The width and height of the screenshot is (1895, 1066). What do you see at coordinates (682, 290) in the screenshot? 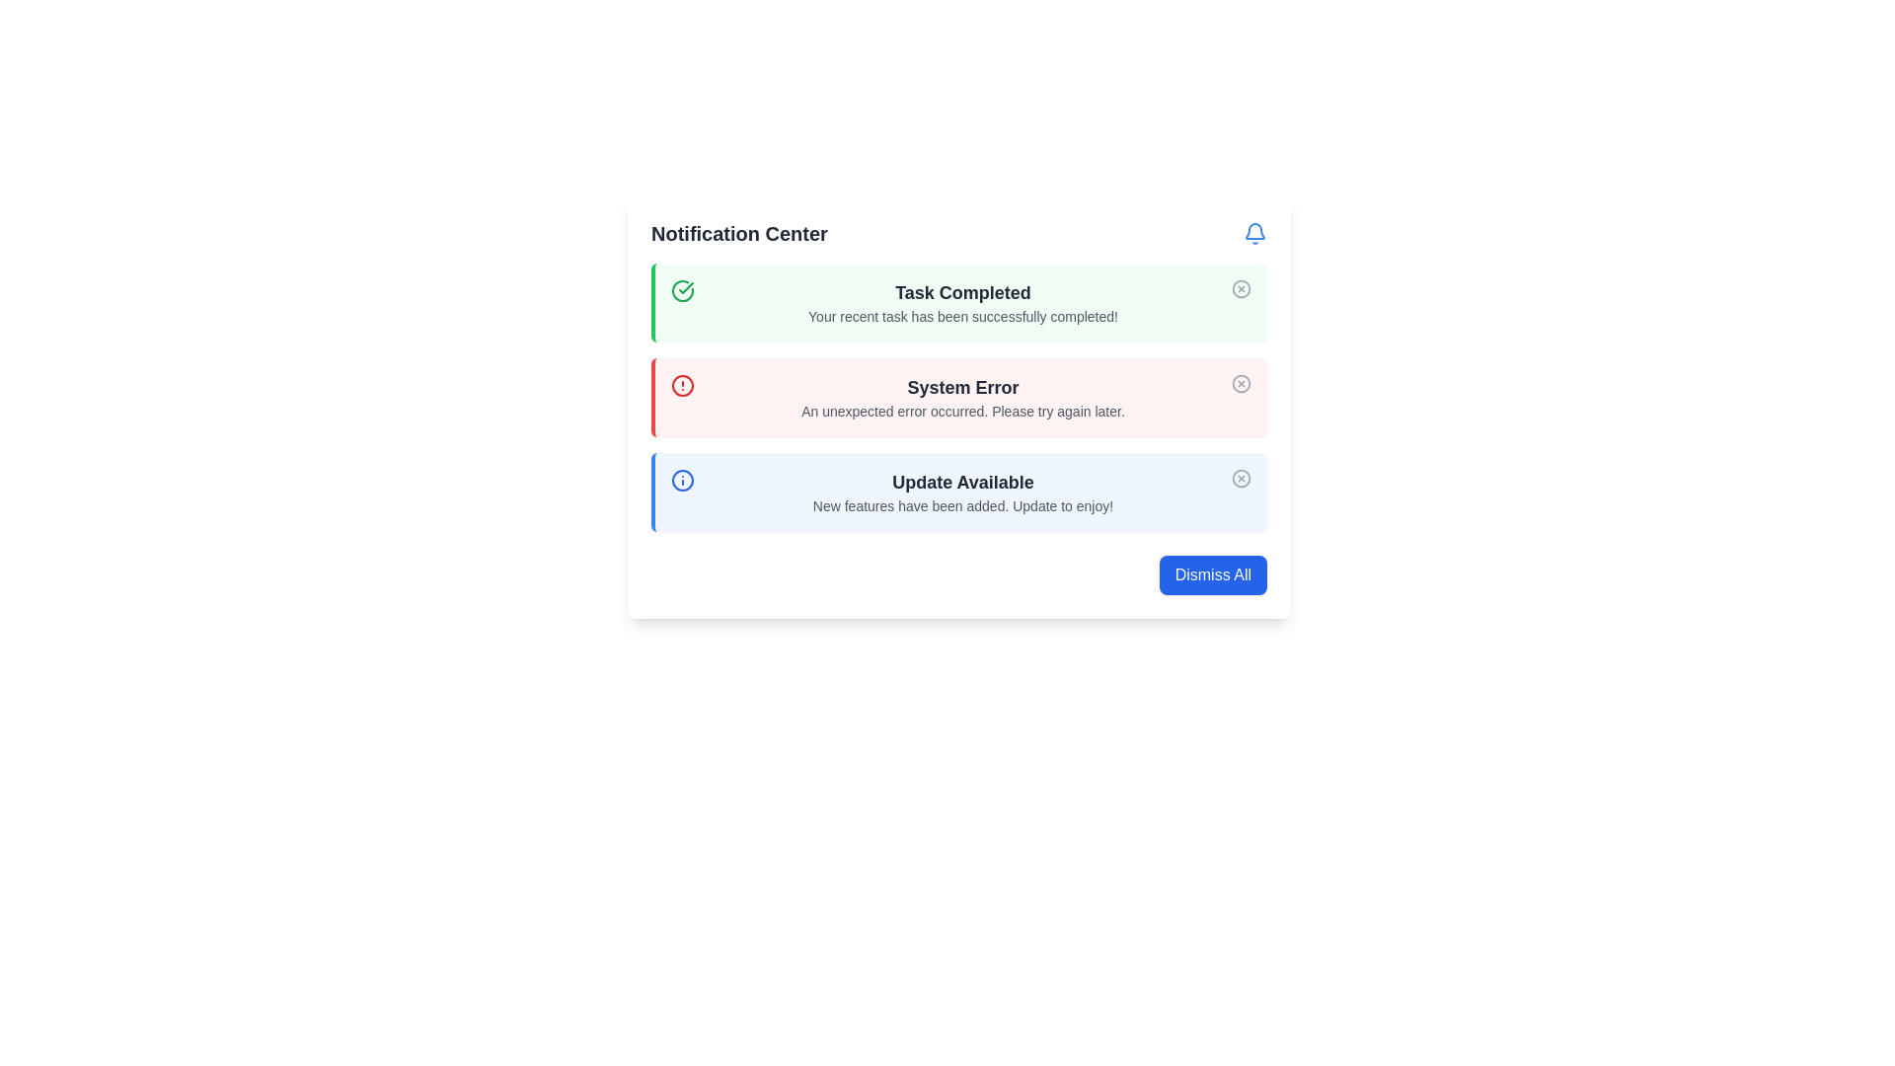
I see `the circular checkmark icon located next to the 'Task Completed' text in the notification banner` at bounding box center [682, 290].